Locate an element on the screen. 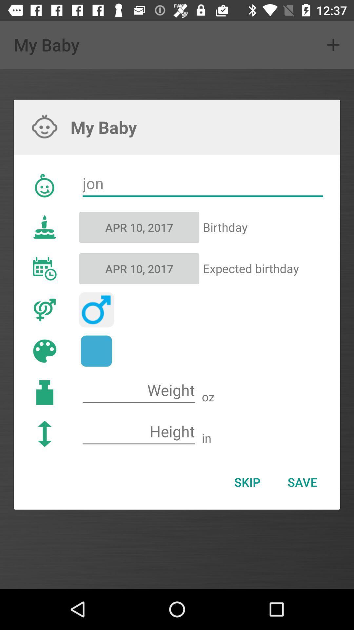 This screenshot has width=354, height=630. item below the my baby is located at coordinates (202, 184).